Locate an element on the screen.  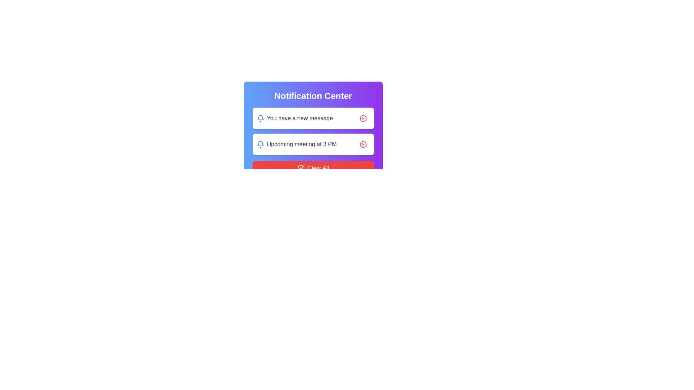
the delete button for the notification entry 'Upcoming meeting at 3 PM' is located at coordinates (363, 144).